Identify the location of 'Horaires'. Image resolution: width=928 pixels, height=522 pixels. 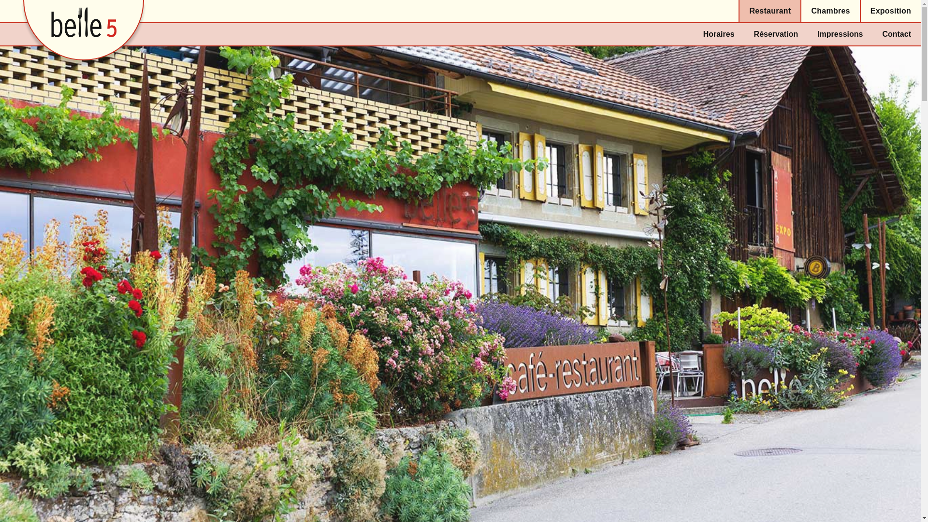
(693, 33).